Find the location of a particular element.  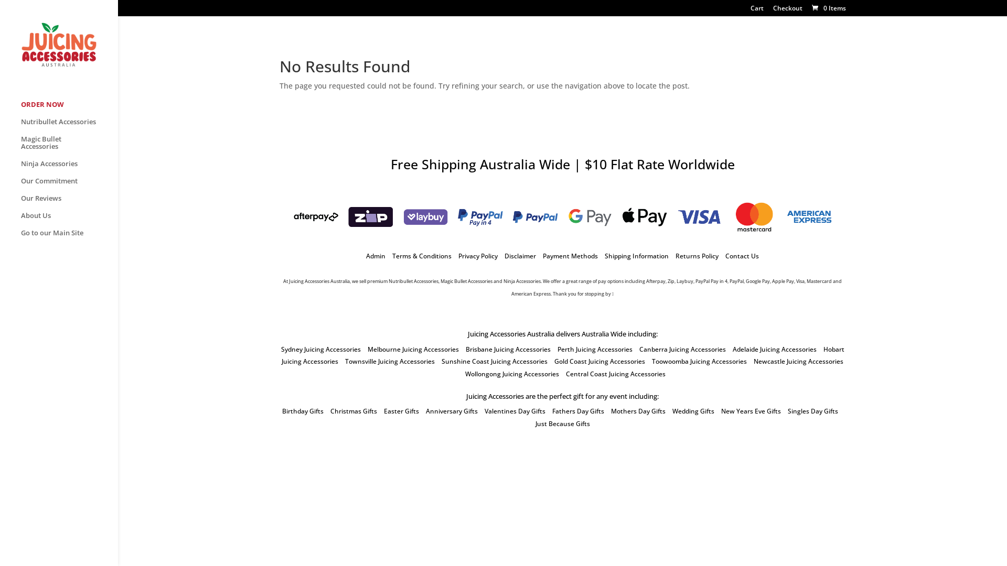

'Christmas Gifts' is located at coordinates (353, 410).